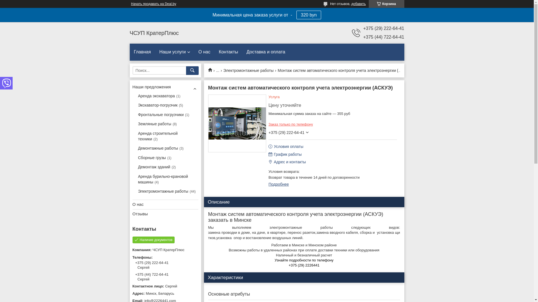  What do you see at coordinates (309, 15) in the screenshot?
I see `'320 byn'` at bounding box center [309, 15].